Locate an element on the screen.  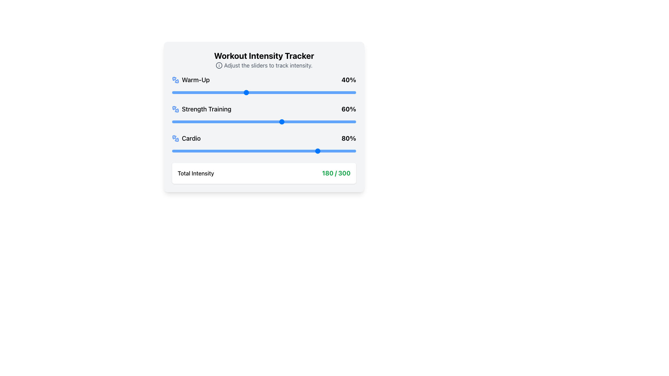
the cardio intensity slider is located at coordinates (290, 151).